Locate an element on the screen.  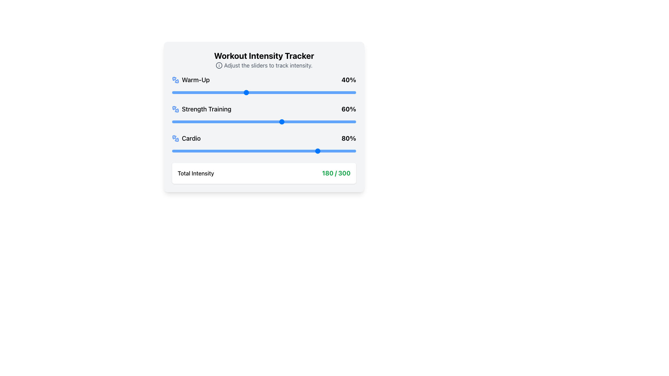
the cardio intensity slider is located at coordinates (290, 151).